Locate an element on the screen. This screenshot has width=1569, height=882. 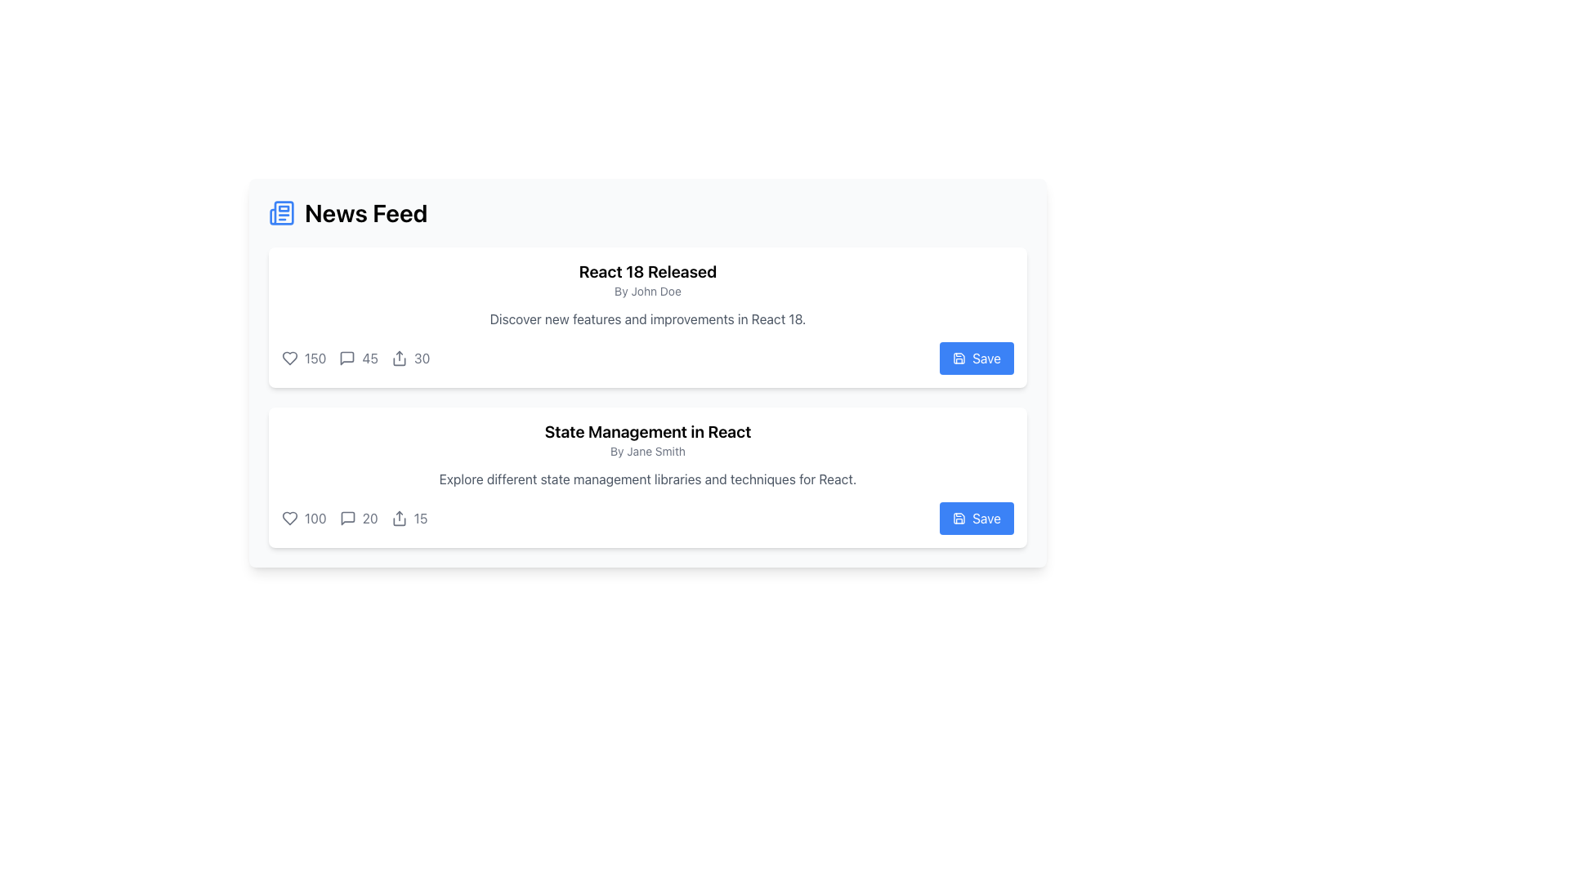
the static text label displaying the number of comments for the associated news item is located at coordinates (369, 519).